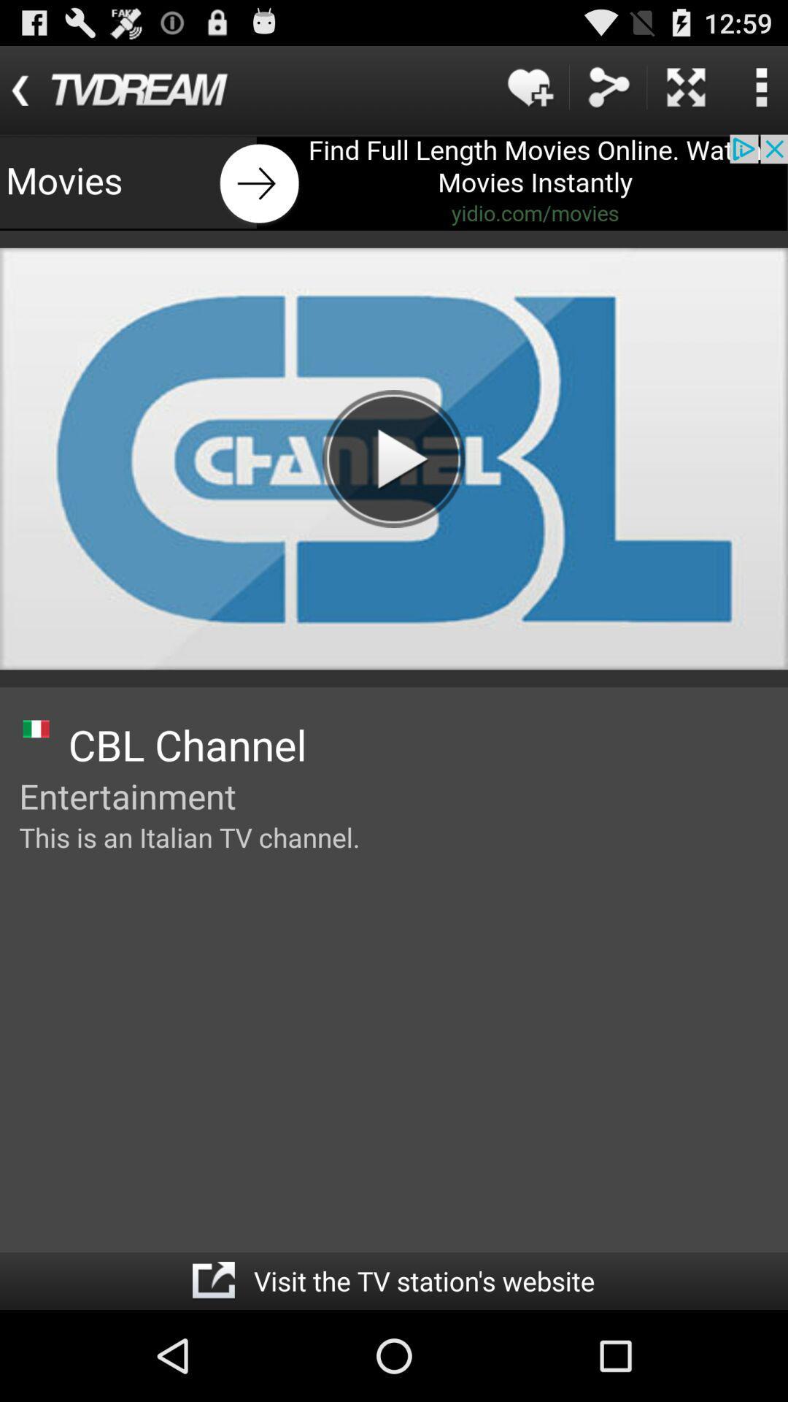  Describe the element at coordinates (760, 86) in the screenshot. I see `more options` at that location.